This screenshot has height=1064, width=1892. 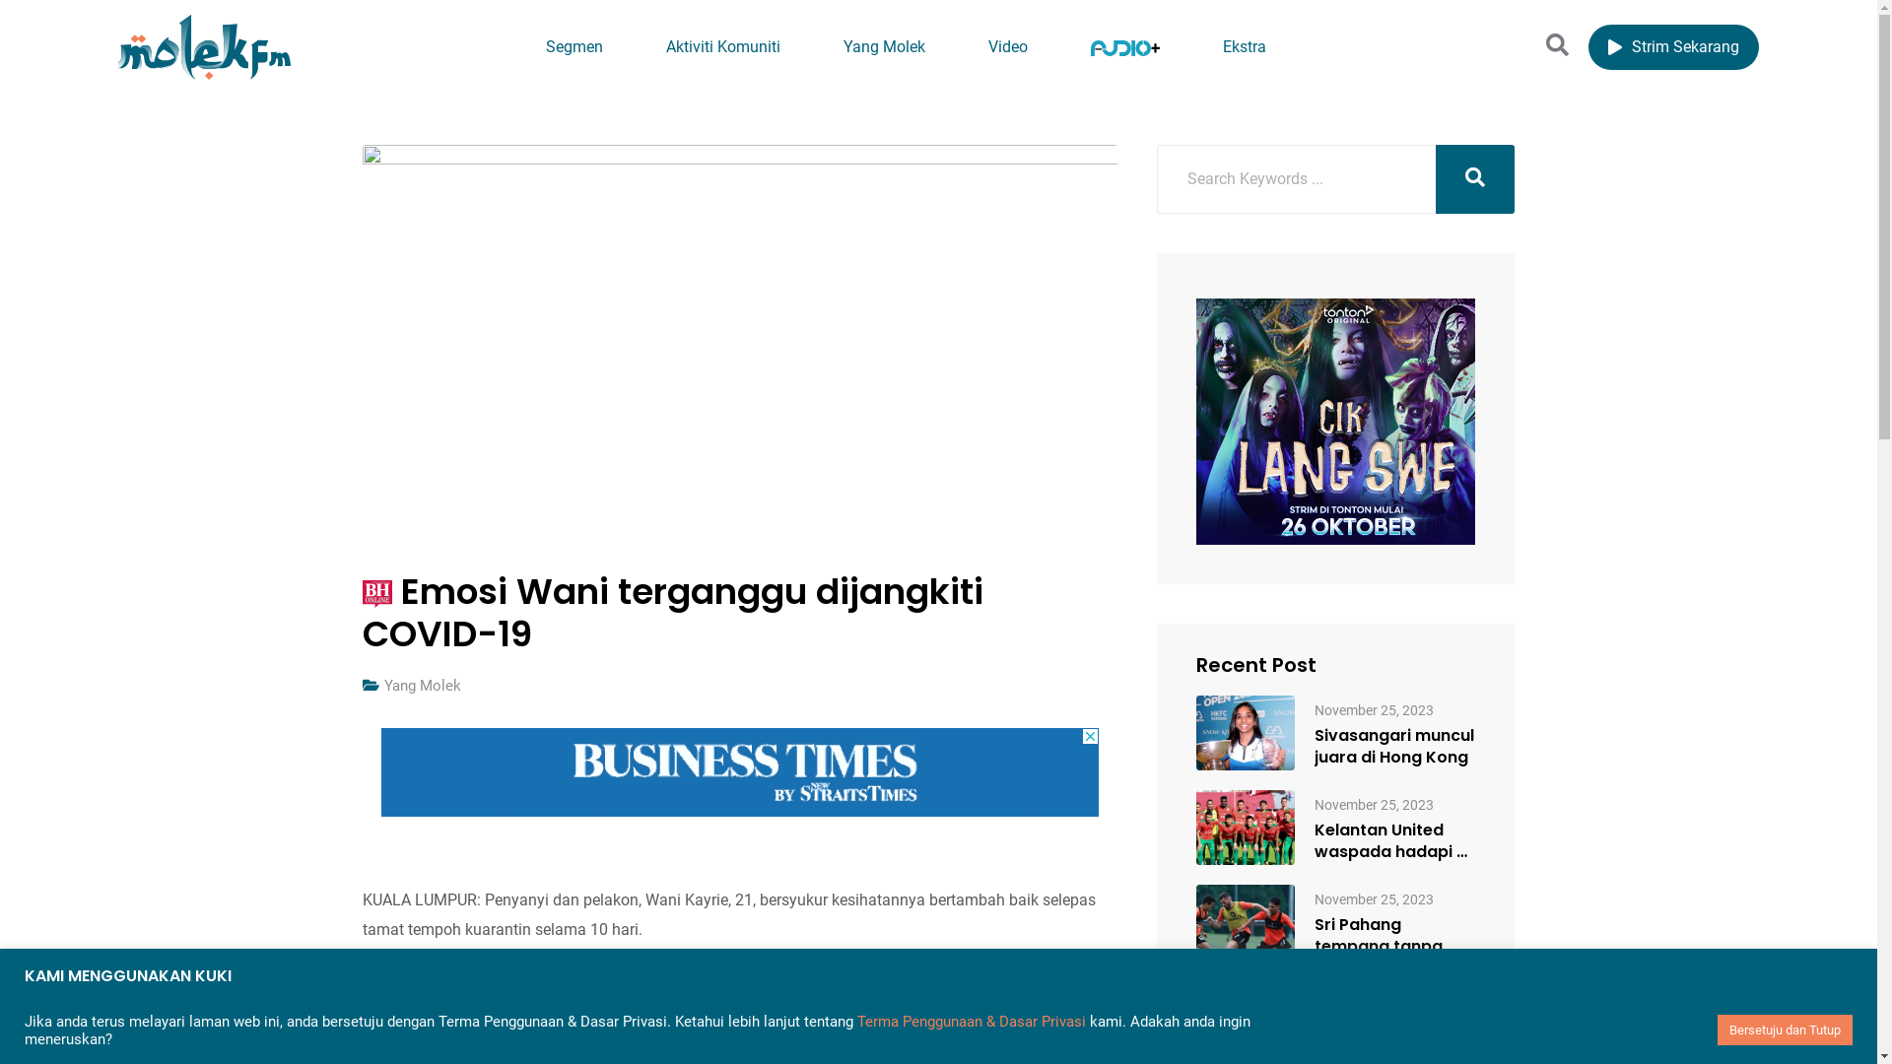 What do you see at coordinates (1393, 840) in the screenshot?
I see `'Kelantan United waspada hadapi KL City'` at bounding box center [1393, 840].